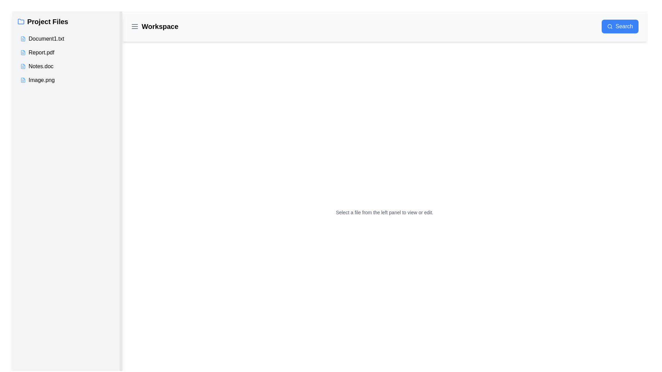  What do you see at coordinates (23, 39) in the screenshot?
I see `the light blue file icon located in the 'Project Files' panel` at bounding box center [23, 39].